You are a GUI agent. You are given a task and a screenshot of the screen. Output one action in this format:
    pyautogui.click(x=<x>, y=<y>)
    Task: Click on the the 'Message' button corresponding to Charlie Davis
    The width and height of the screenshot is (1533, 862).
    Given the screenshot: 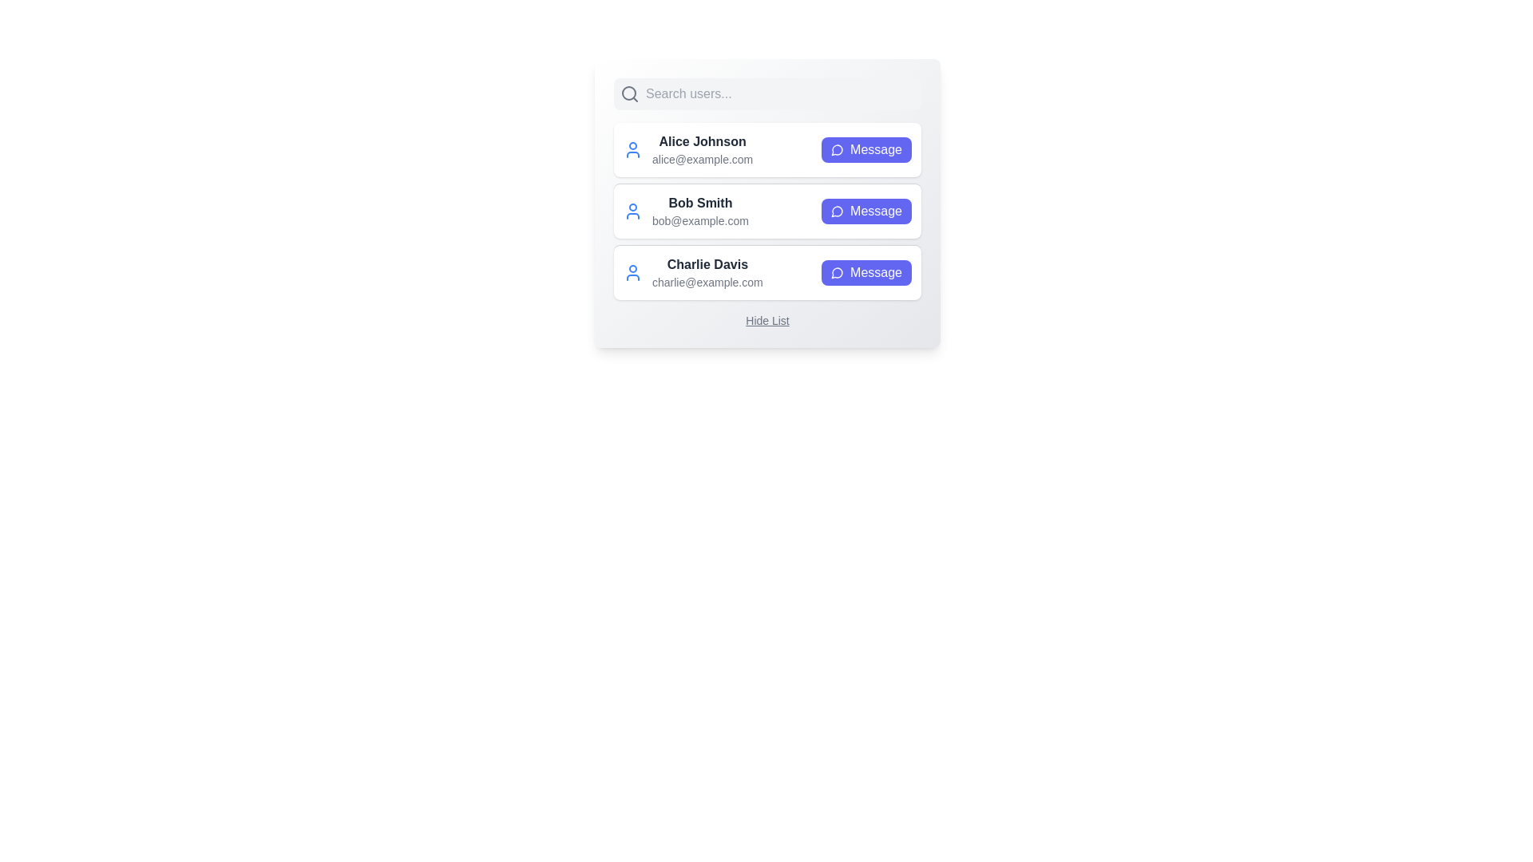 What is the action you would take?
    pyautogui.click(x=866, y=272)
    